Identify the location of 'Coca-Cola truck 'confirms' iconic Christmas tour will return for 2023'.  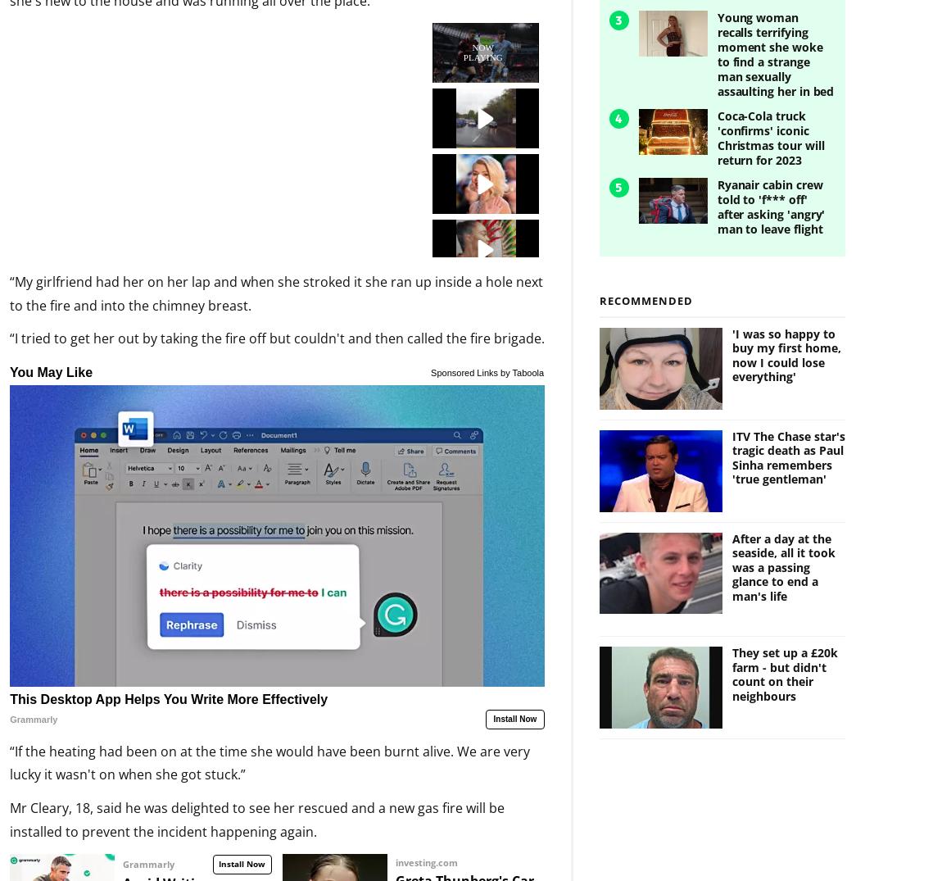
(770, 109).